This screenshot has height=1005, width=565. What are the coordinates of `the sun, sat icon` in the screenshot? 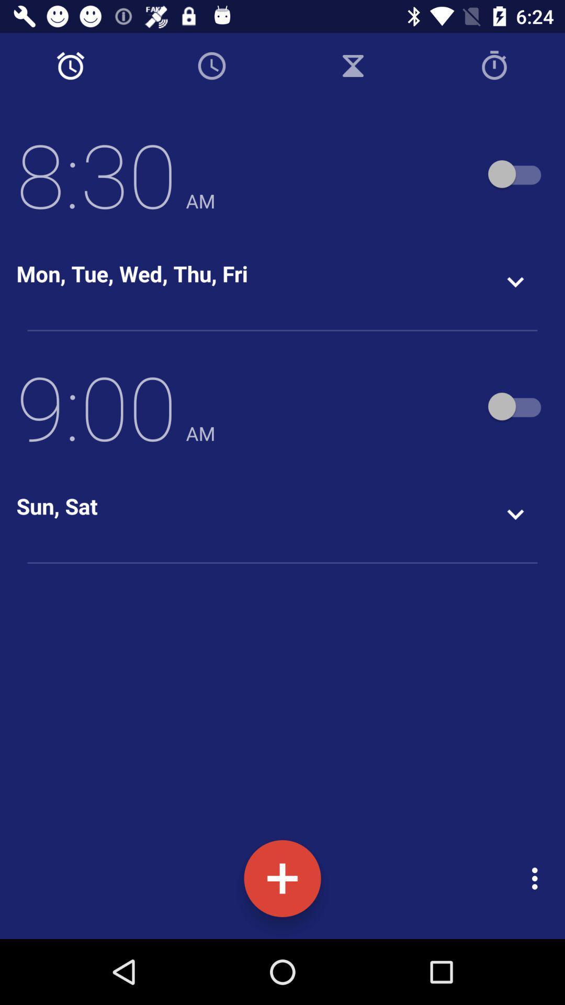 It's located at (57, 506).